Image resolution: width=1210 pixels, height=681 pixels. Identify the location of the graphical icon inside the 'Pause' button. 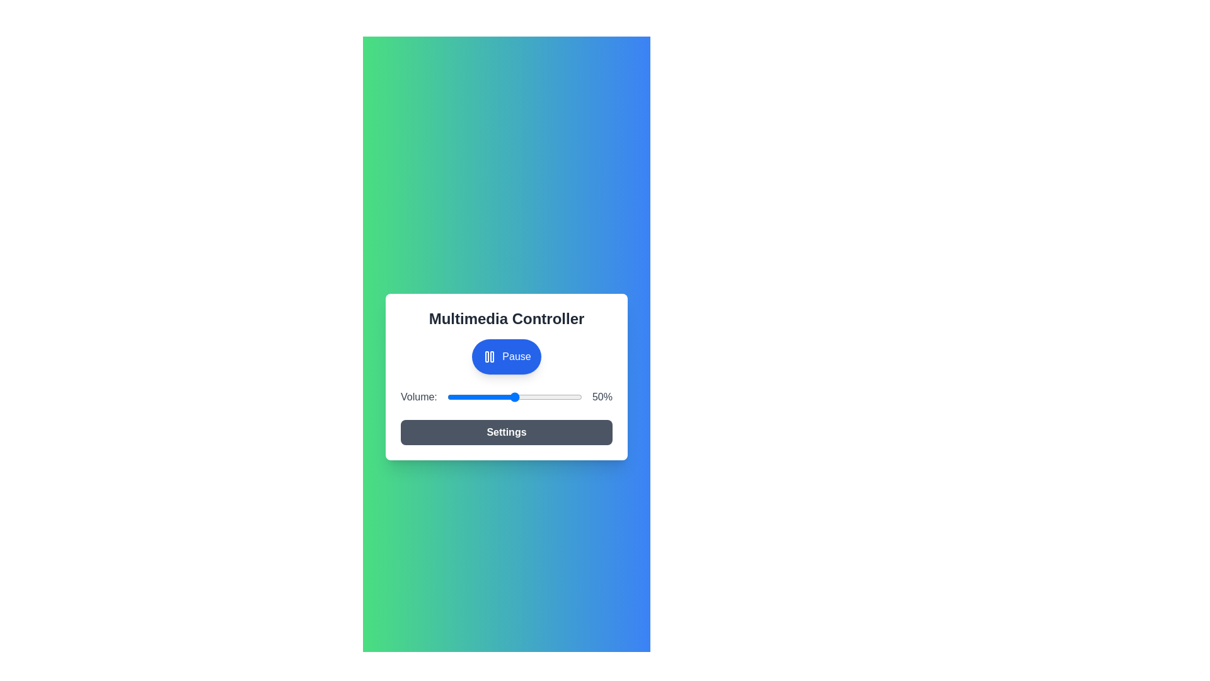
(489, 357).